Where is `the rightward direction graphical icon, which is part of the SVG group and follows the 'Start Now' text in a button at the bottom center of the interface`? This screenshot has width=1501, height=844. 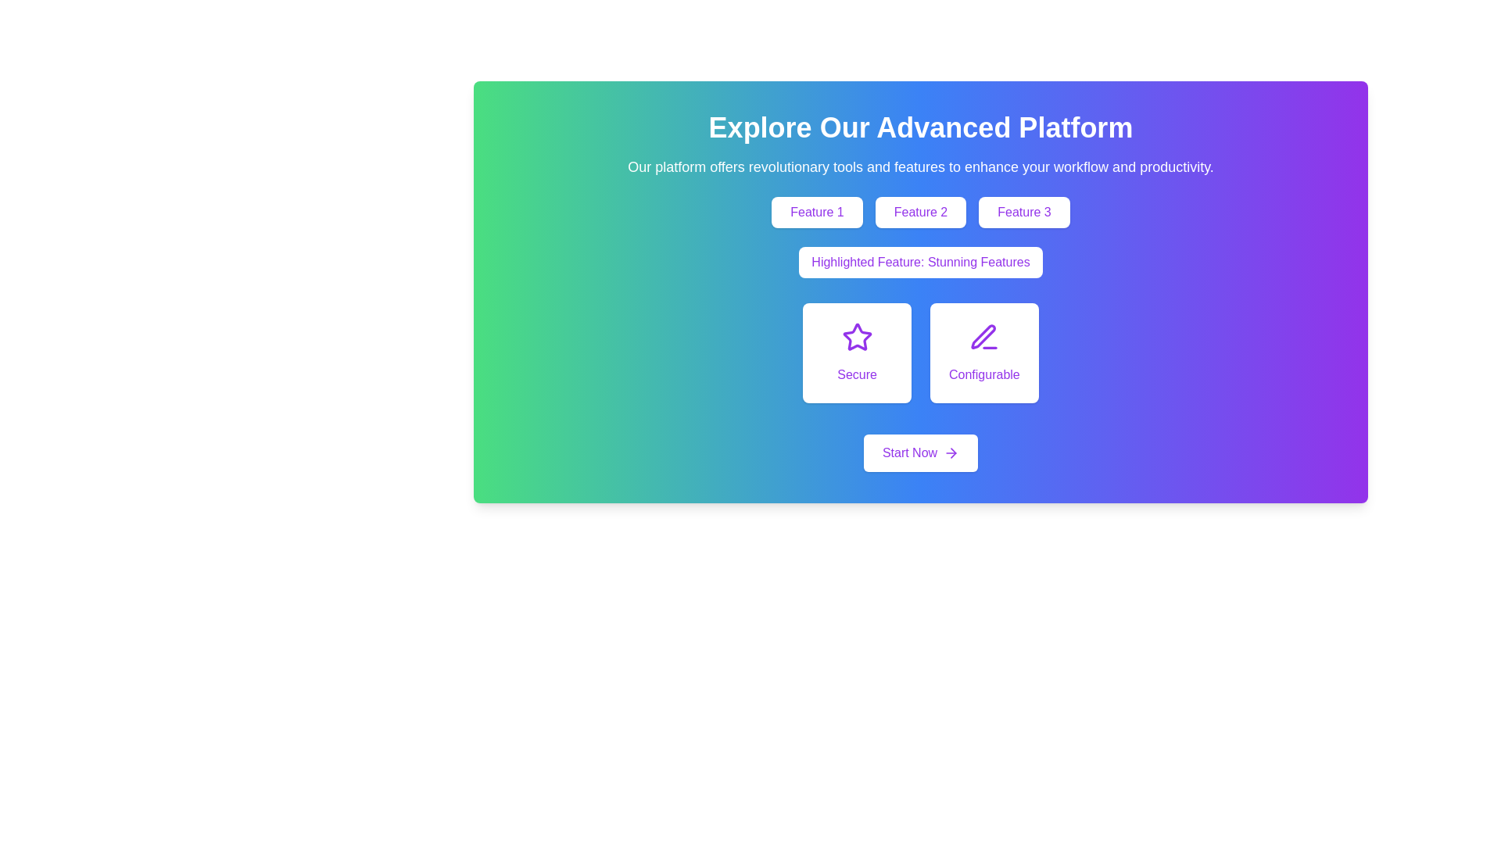 the rightward direction graphical icon, which is part of the SVG group and follows the 'Start Now' text in a button at the bottom center of the interface is located at coordinates (952, 452).